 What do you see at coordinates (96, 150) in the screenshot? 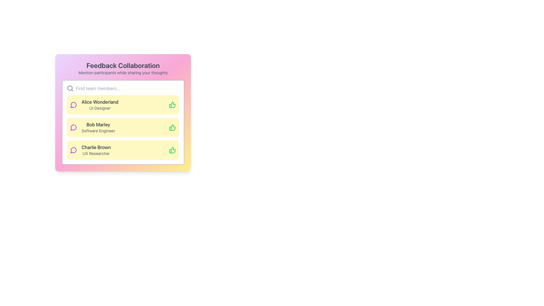
I see `the Text display component that shows 'Charlie Brown' in bold above 'UX Researcher', located within the third yellow card in the user profile list` at bounding box center [96, 150].